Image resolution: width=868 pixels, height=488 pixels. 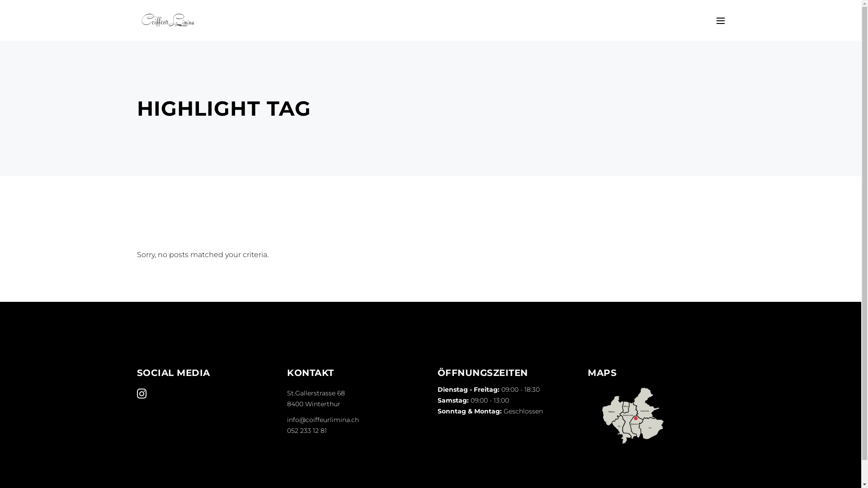 I want to click on 'info@coiffeurlimina.ch', so click(x=323, y=420).